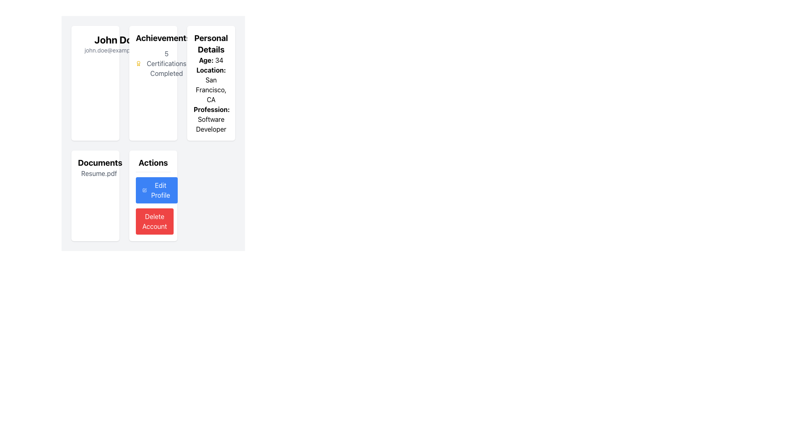  What do you see at coordinates (95, 173) in the screenshot?
I see `the text label indicating the document named 'Resume.pdf'` at bounding box center [95, 173].